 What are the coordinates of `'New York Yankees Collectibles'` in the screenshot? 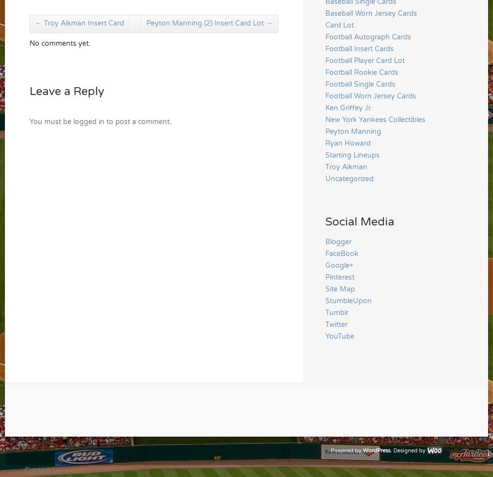 It's located at (375, 119).